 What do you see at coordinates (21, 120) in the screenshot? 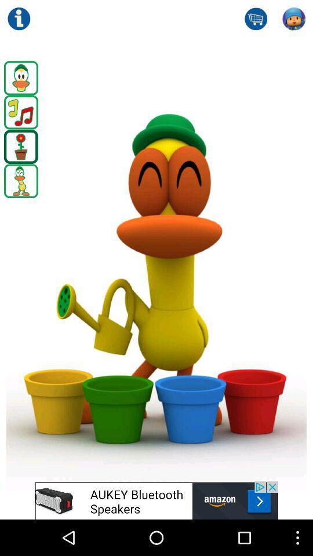
I see `the music icon` at bounding box center [21, 120].